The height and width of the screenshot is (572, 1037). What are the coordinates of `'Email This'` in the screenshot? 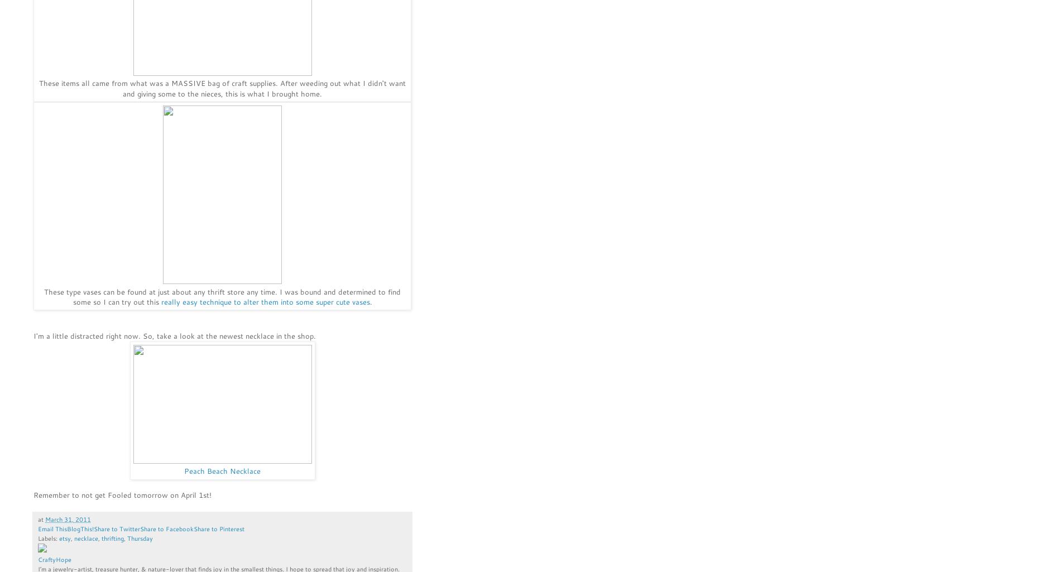 It's located at (52, 528).